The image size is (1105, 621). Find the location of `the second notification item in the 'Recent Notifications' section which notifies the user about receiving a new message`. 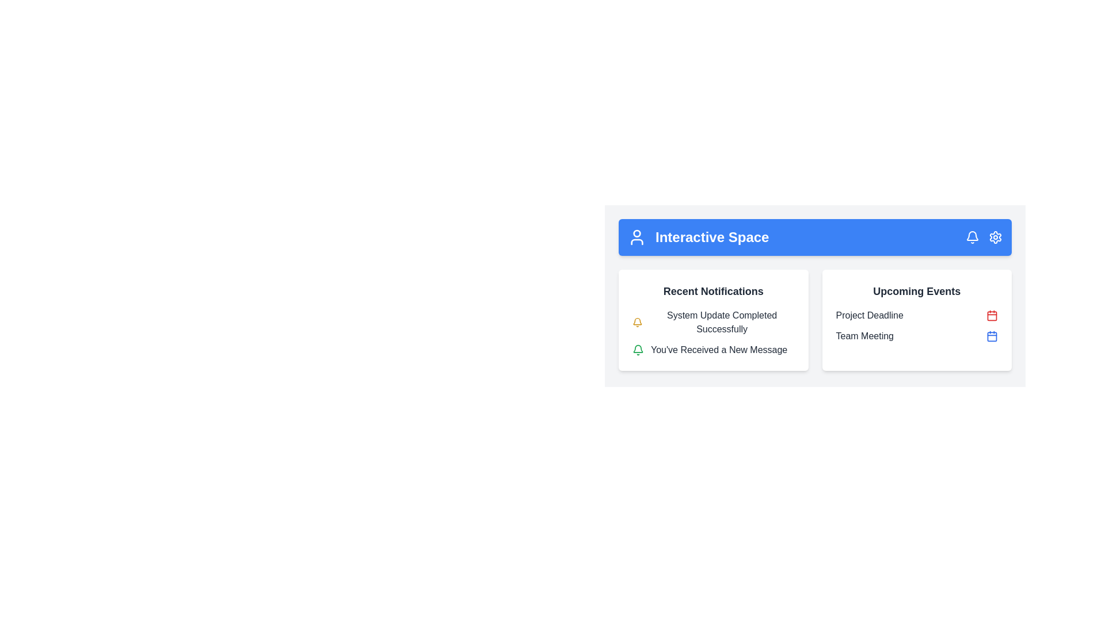

the second notification item in the 'Recent Notifications' section which notifies the user about receiving a new message is located at coordinates (712, 350).